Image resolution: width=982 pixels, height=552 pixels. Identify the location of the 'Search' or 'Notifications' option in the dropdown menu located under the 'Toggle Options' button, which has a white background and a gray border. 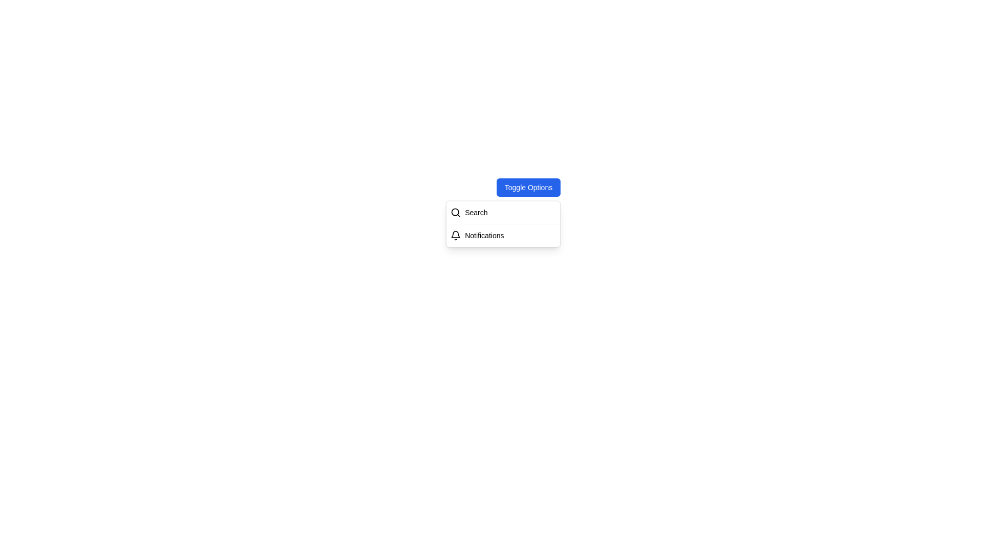
(503, 223).